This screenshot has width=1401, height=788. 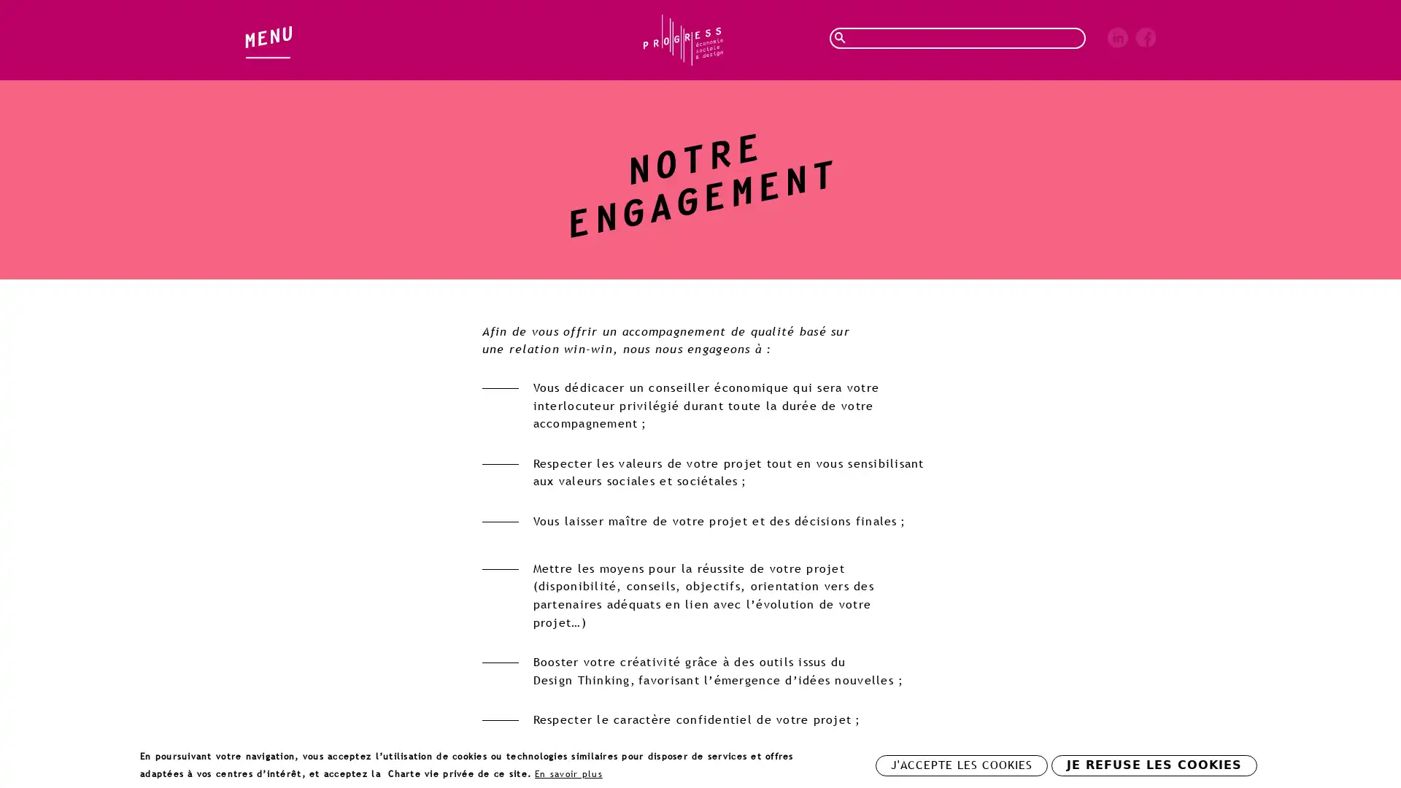 I want to click on J'ACCEPTE LES COOKIES, so click(x=962, y=765).